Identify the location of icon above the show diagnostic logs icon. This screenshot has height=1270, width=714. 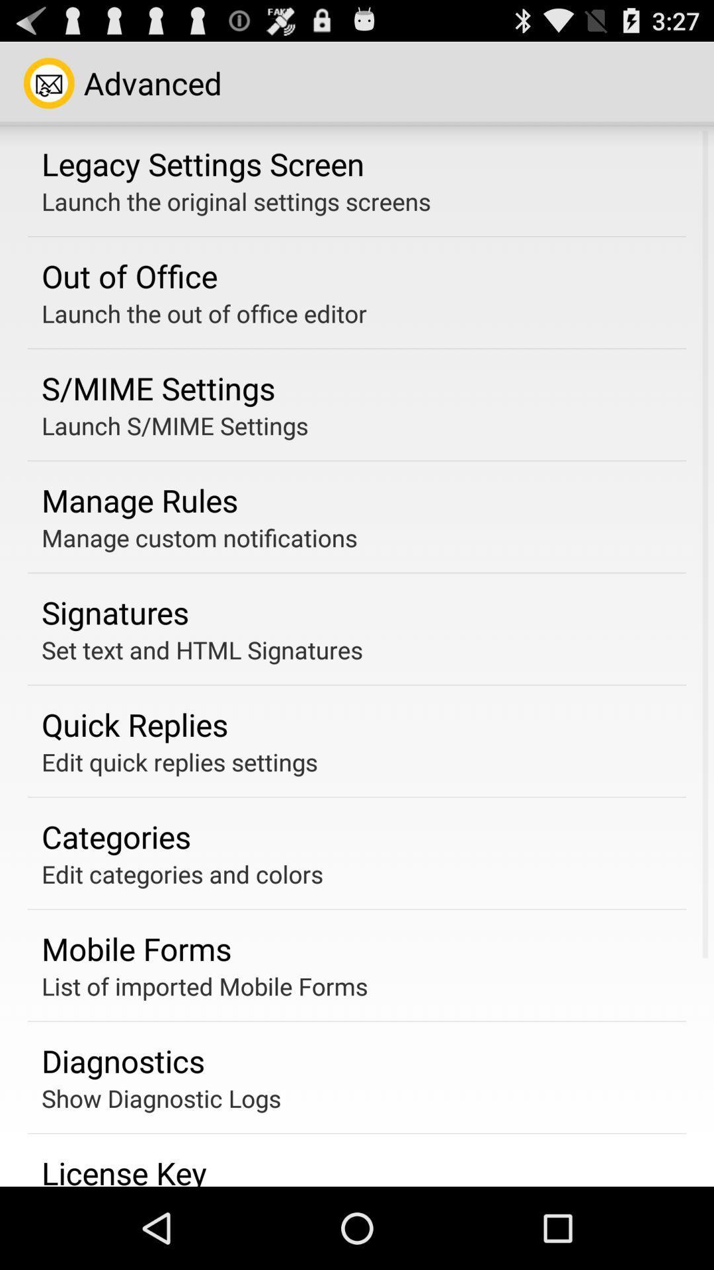
(123, 1060).